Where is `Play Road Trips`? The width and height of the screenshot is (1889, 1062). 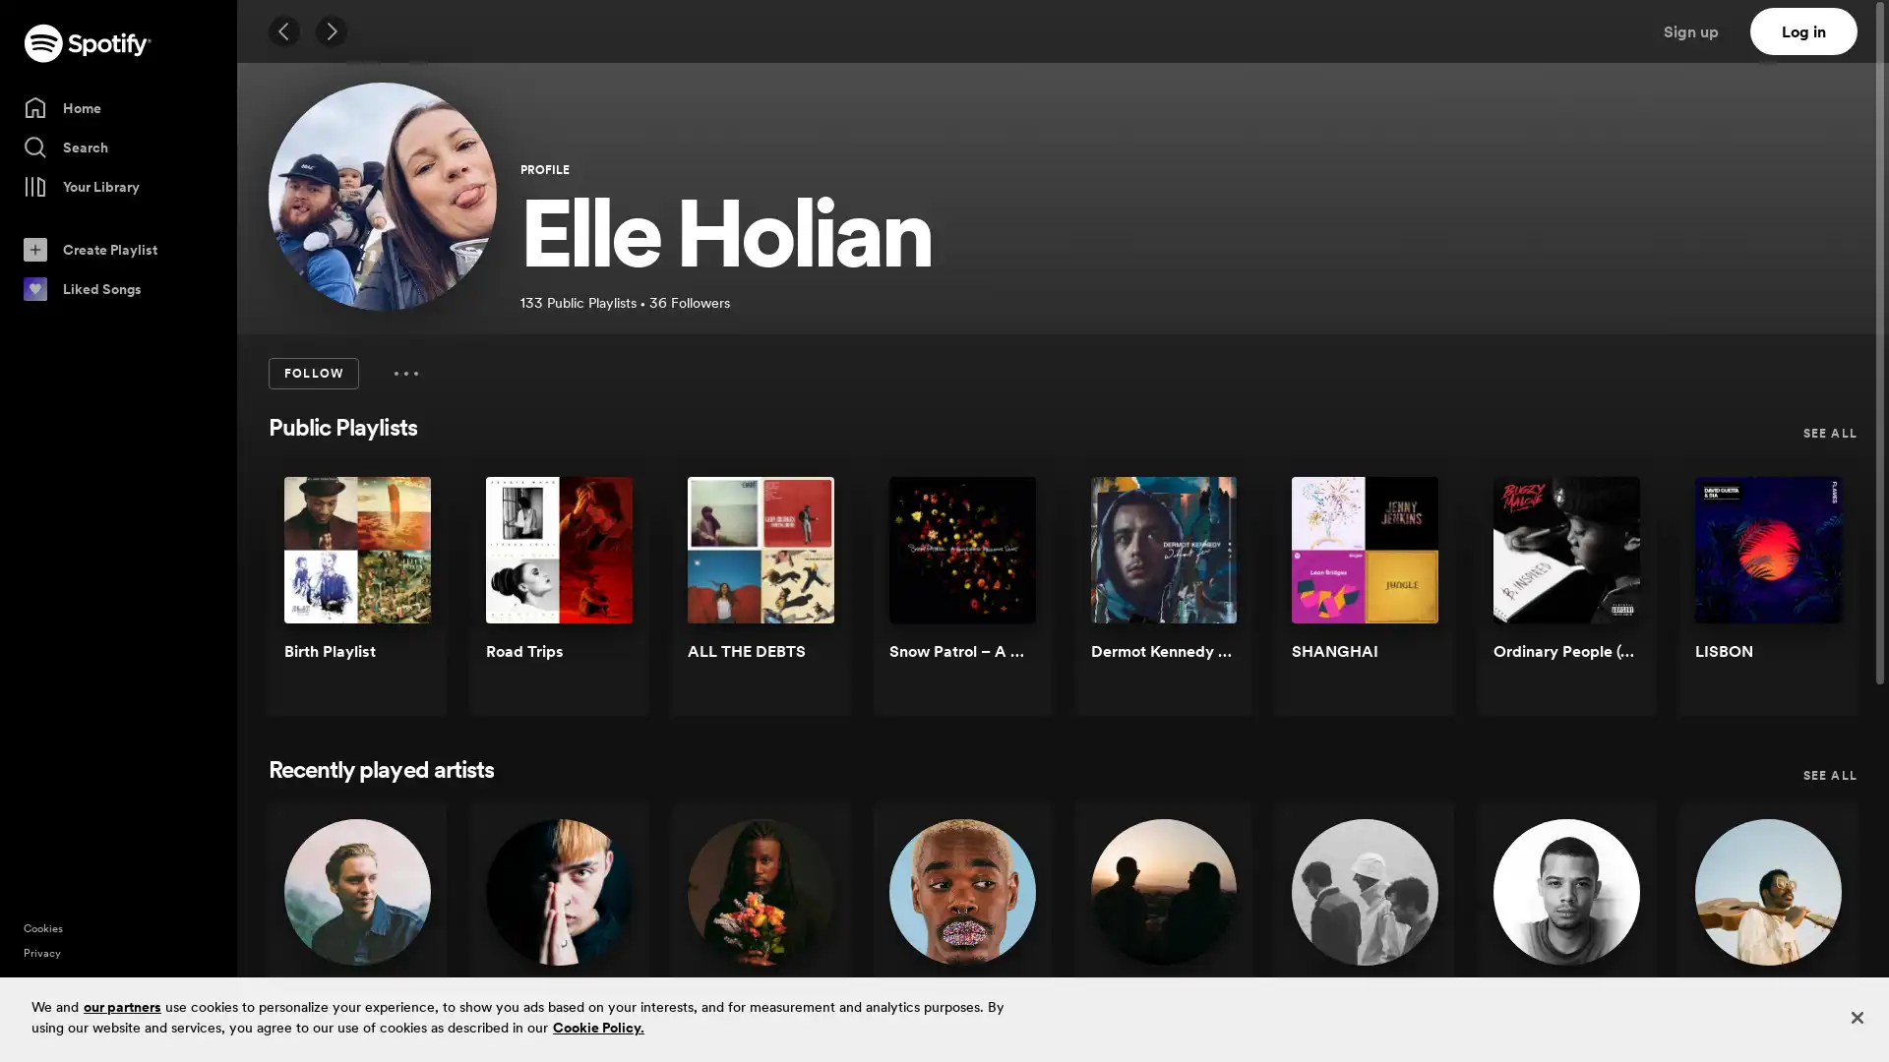
Play Road Trips is located at coordinates (598, 598).